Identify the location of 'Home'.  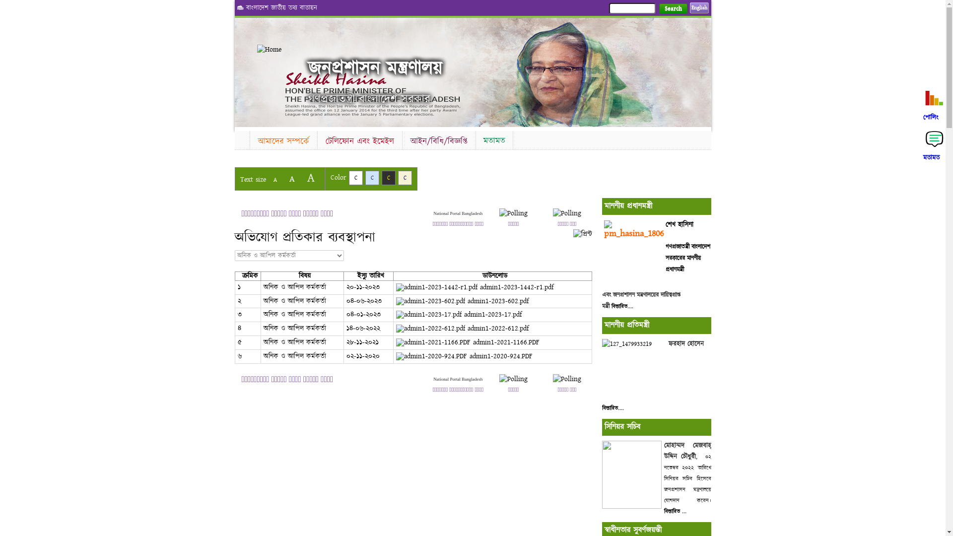
(257, 50).